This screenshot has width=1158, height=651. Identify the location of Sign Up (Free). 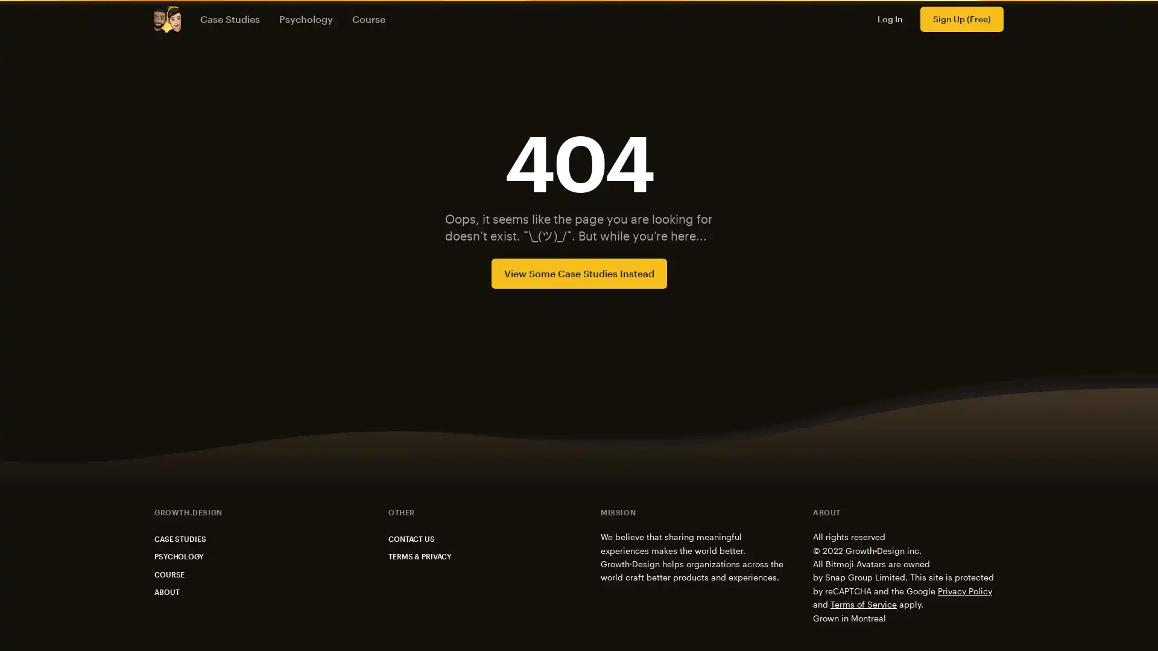
(961, 19).